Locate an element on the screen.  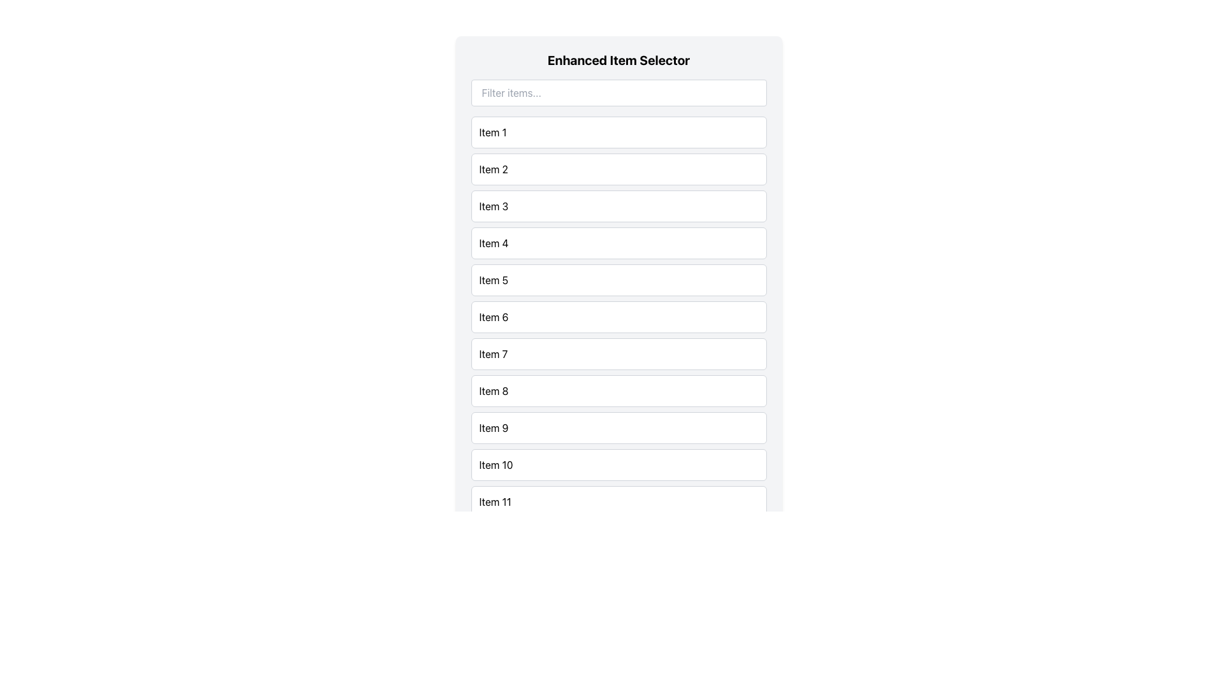
the 'Item 8' button, which is a rectangular list item with a white background and a gray border is located at coordinates (619, 390).